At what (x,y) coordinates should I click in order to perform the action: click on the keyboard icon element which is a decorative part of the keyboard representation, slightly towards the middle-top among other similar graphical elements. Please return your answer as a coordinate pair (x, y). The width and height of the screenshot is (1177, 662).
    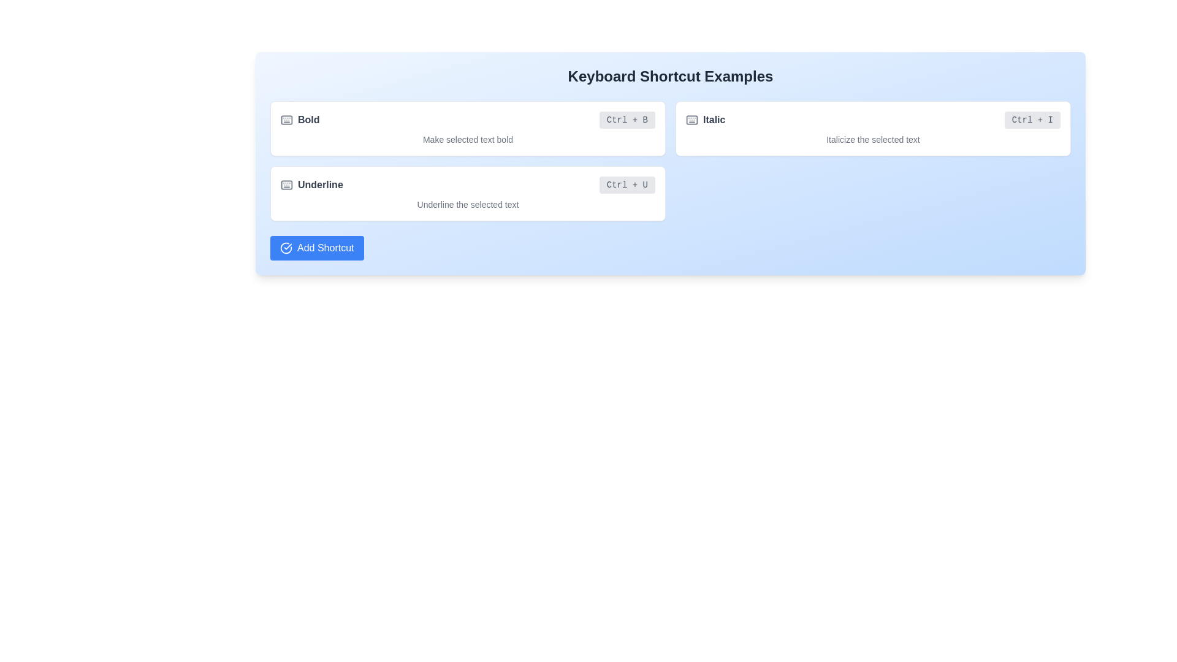
    Looking at the image, I should click on (286, 120).